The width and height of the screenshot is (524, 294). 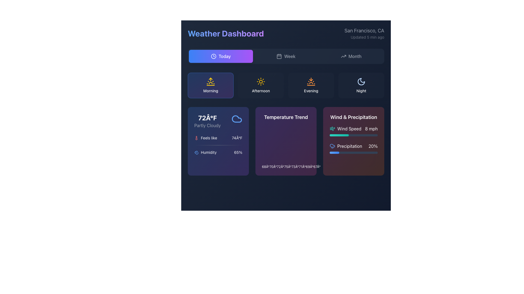 What do you see at coordinates (343, 56) in the screenshot?
I see `the upward trending arrow icon located to the left of the 'Month' text in the top-right section of the navigation bar` at bounding box center [343, 56].